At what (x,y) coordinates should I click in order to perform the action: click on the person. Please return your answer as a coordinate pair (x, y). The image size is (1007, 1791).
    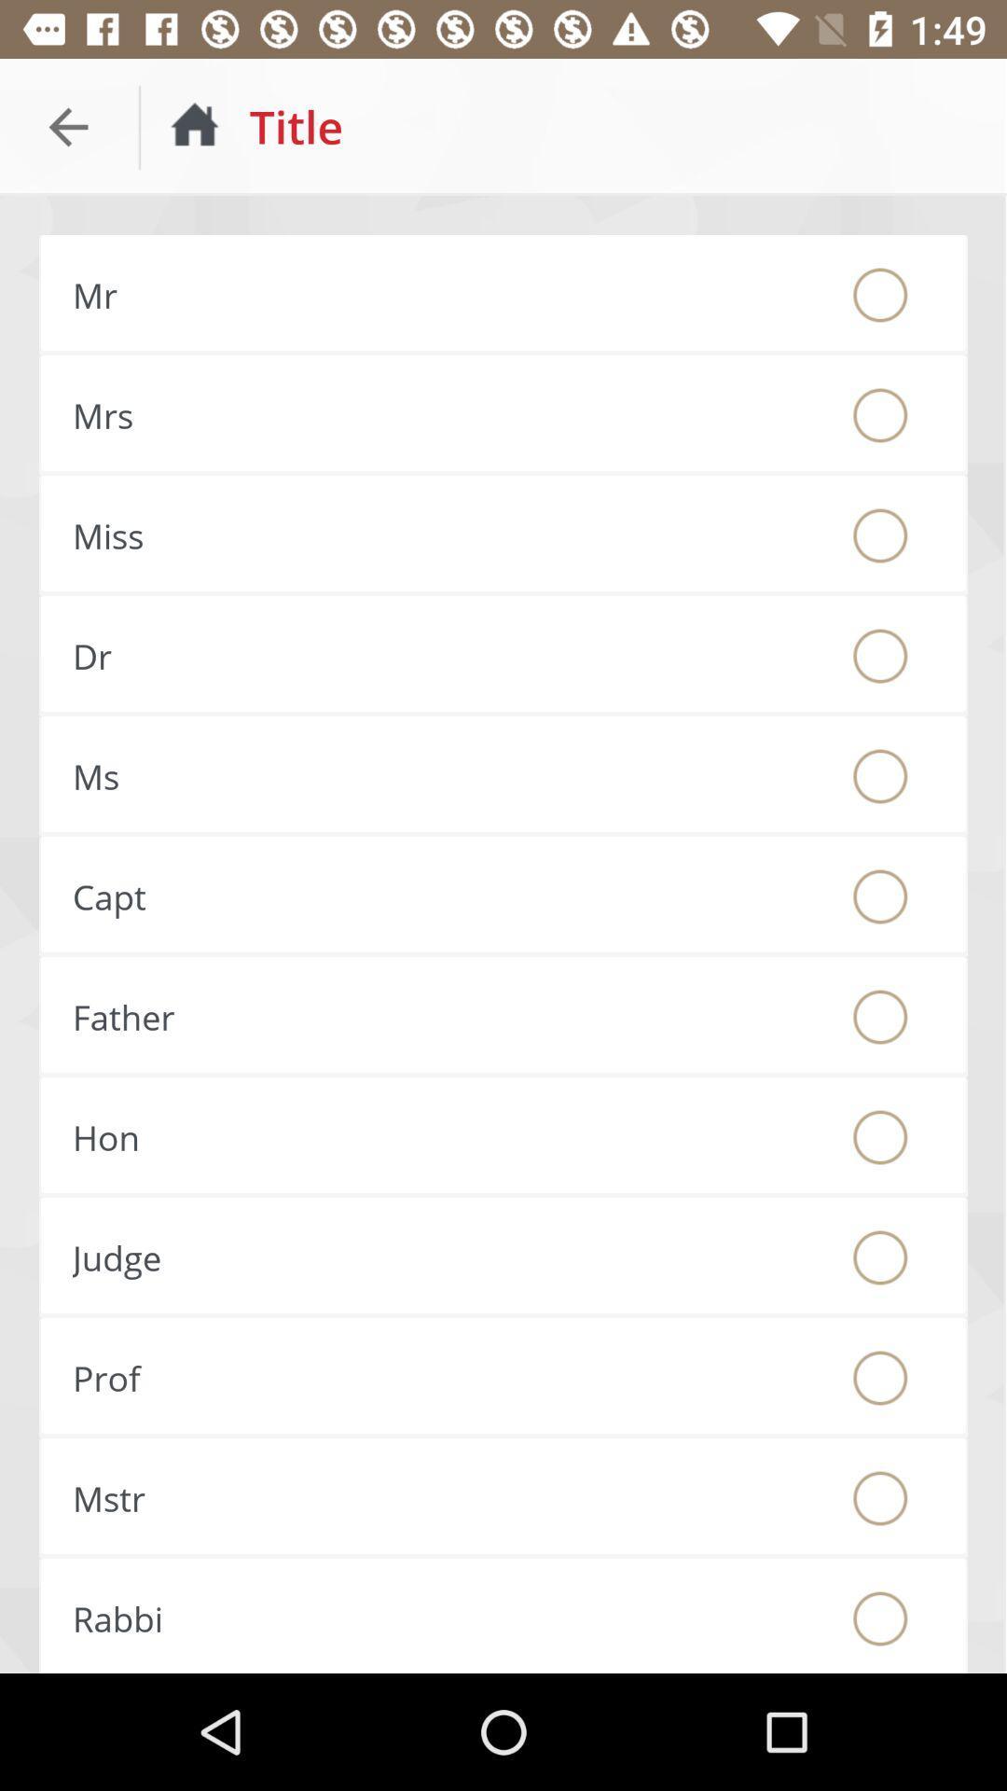
    Looking at the image, I should click on (880, 1016).